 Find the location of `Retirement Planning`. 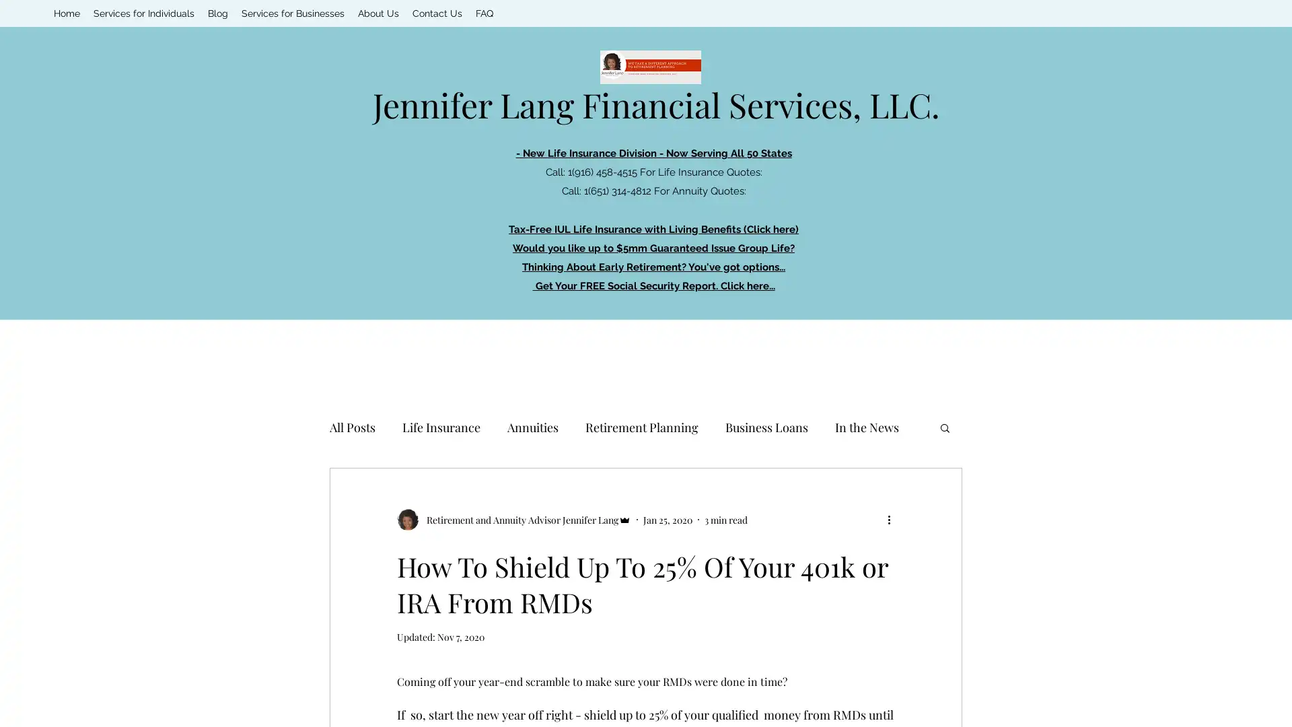

Retirement Planning is located at coordinates (641, 427).